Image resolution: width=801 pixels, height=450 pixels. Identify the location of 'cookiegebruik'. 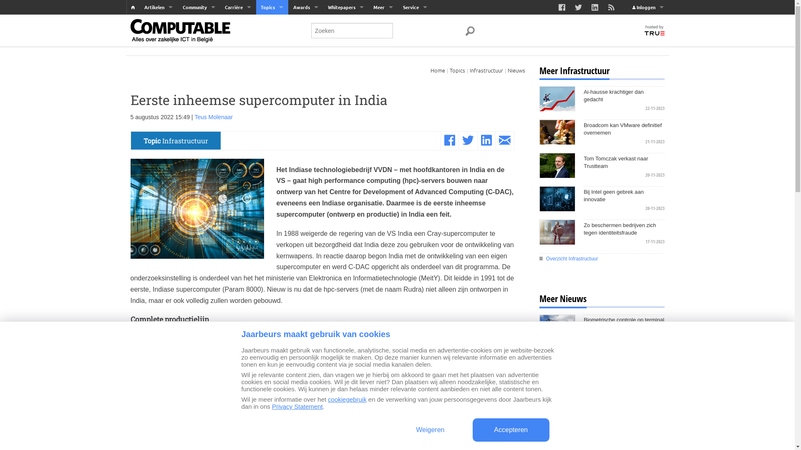
(347, 399).